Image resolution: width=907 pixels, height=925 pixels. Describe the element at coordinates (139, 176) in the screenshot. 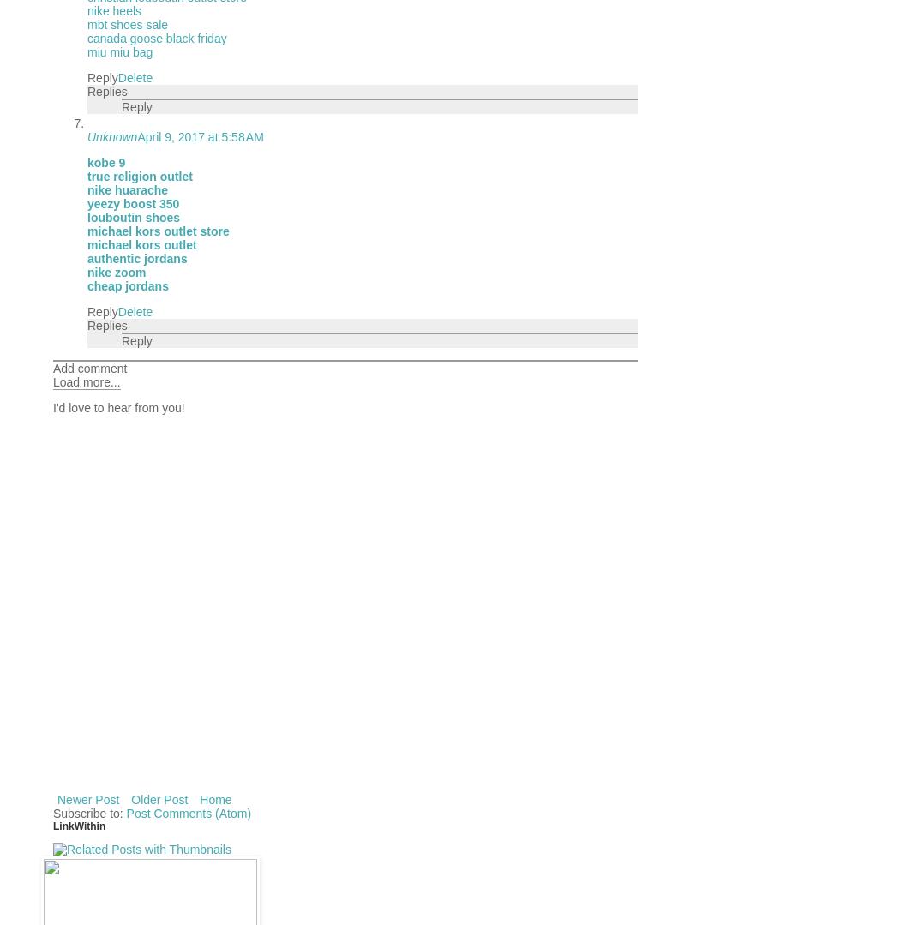

I see `'true religion outlet'` at that location.